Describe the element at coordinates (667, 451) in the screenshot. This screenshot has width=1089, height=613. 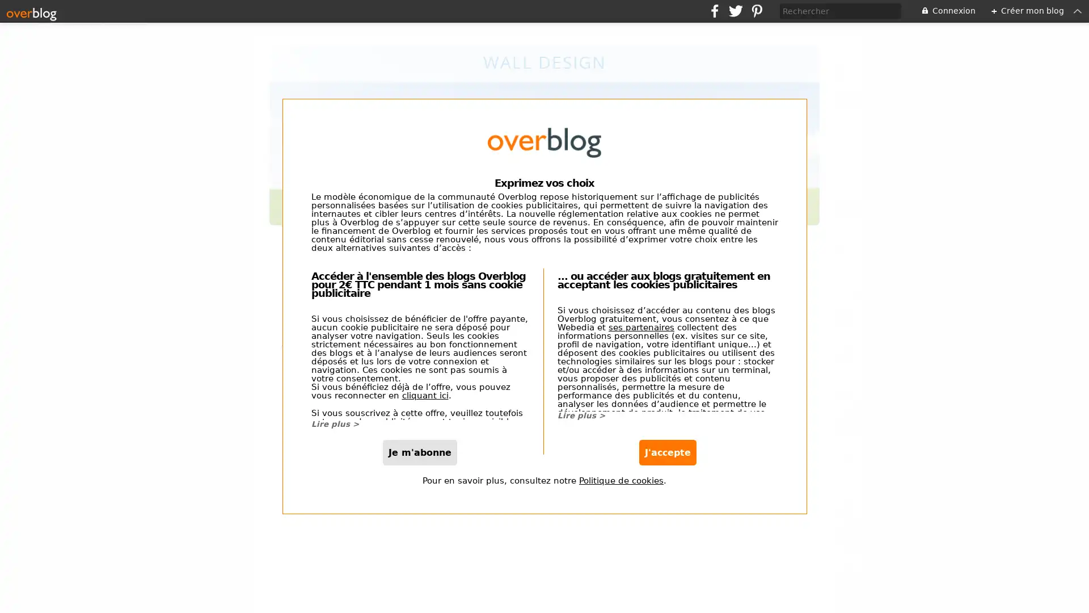
I see `J'accepte` at that location.